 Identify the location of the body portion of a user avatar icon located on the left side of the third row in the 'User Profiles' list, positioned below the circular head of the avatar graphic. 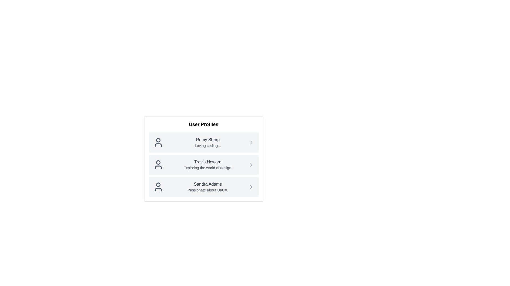
(158, 189).